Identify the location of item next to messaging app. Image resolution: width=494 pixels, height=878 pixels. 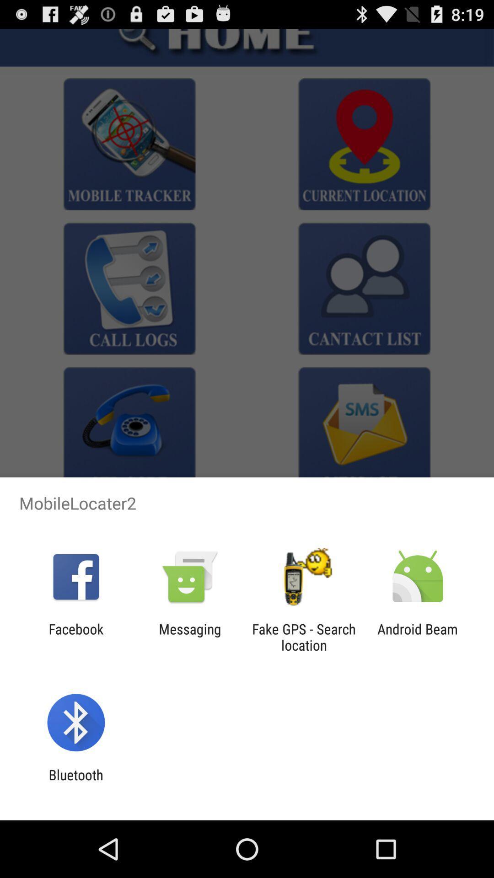
(75, 637).